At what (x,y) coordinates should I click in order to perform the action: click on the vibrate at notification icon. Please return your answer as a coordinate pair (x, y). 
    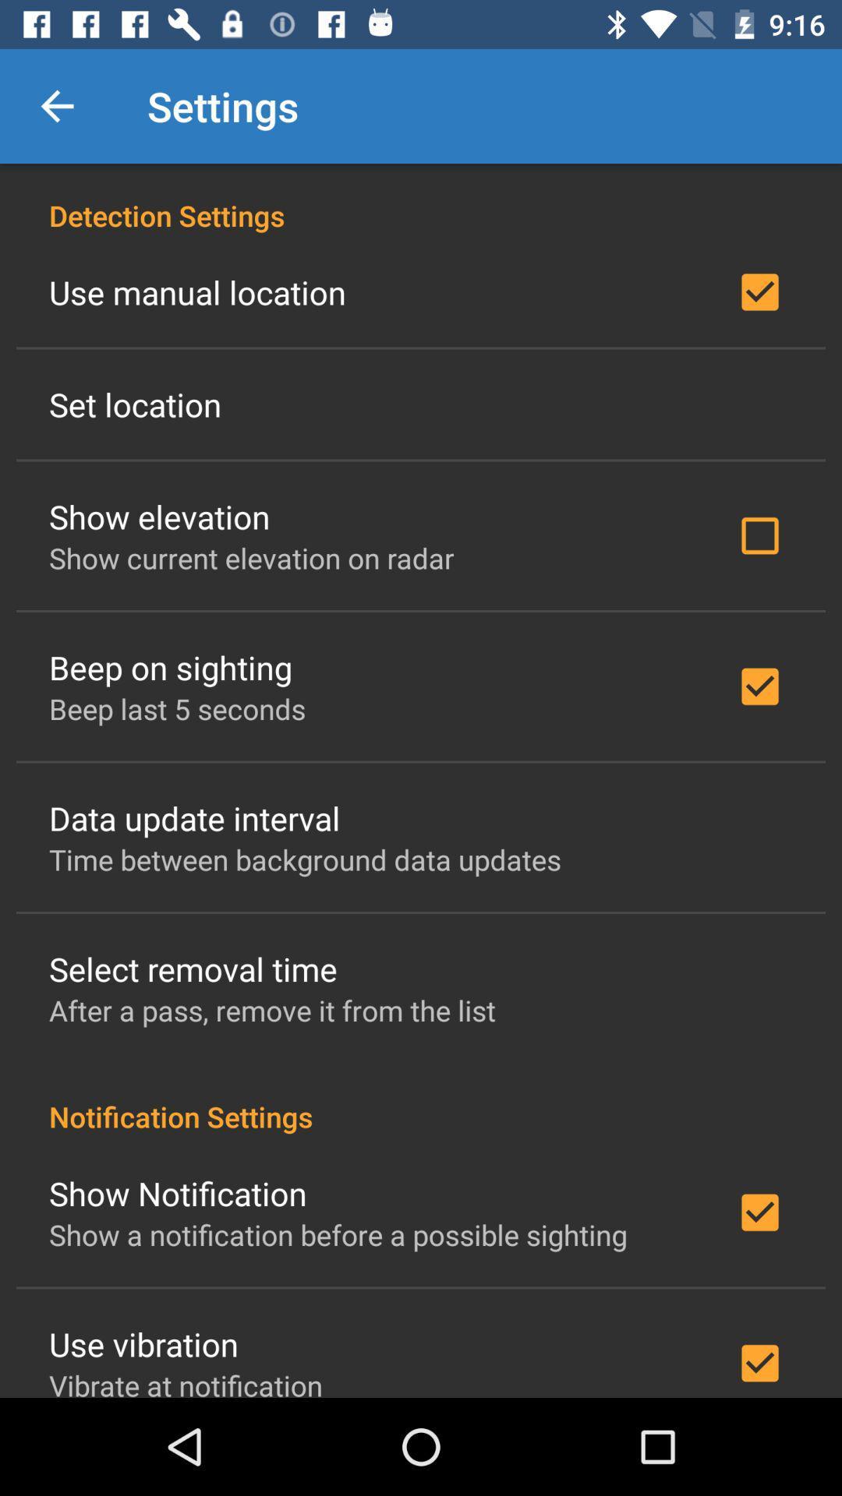
    Looking at the image, I should click on (185, 1381).